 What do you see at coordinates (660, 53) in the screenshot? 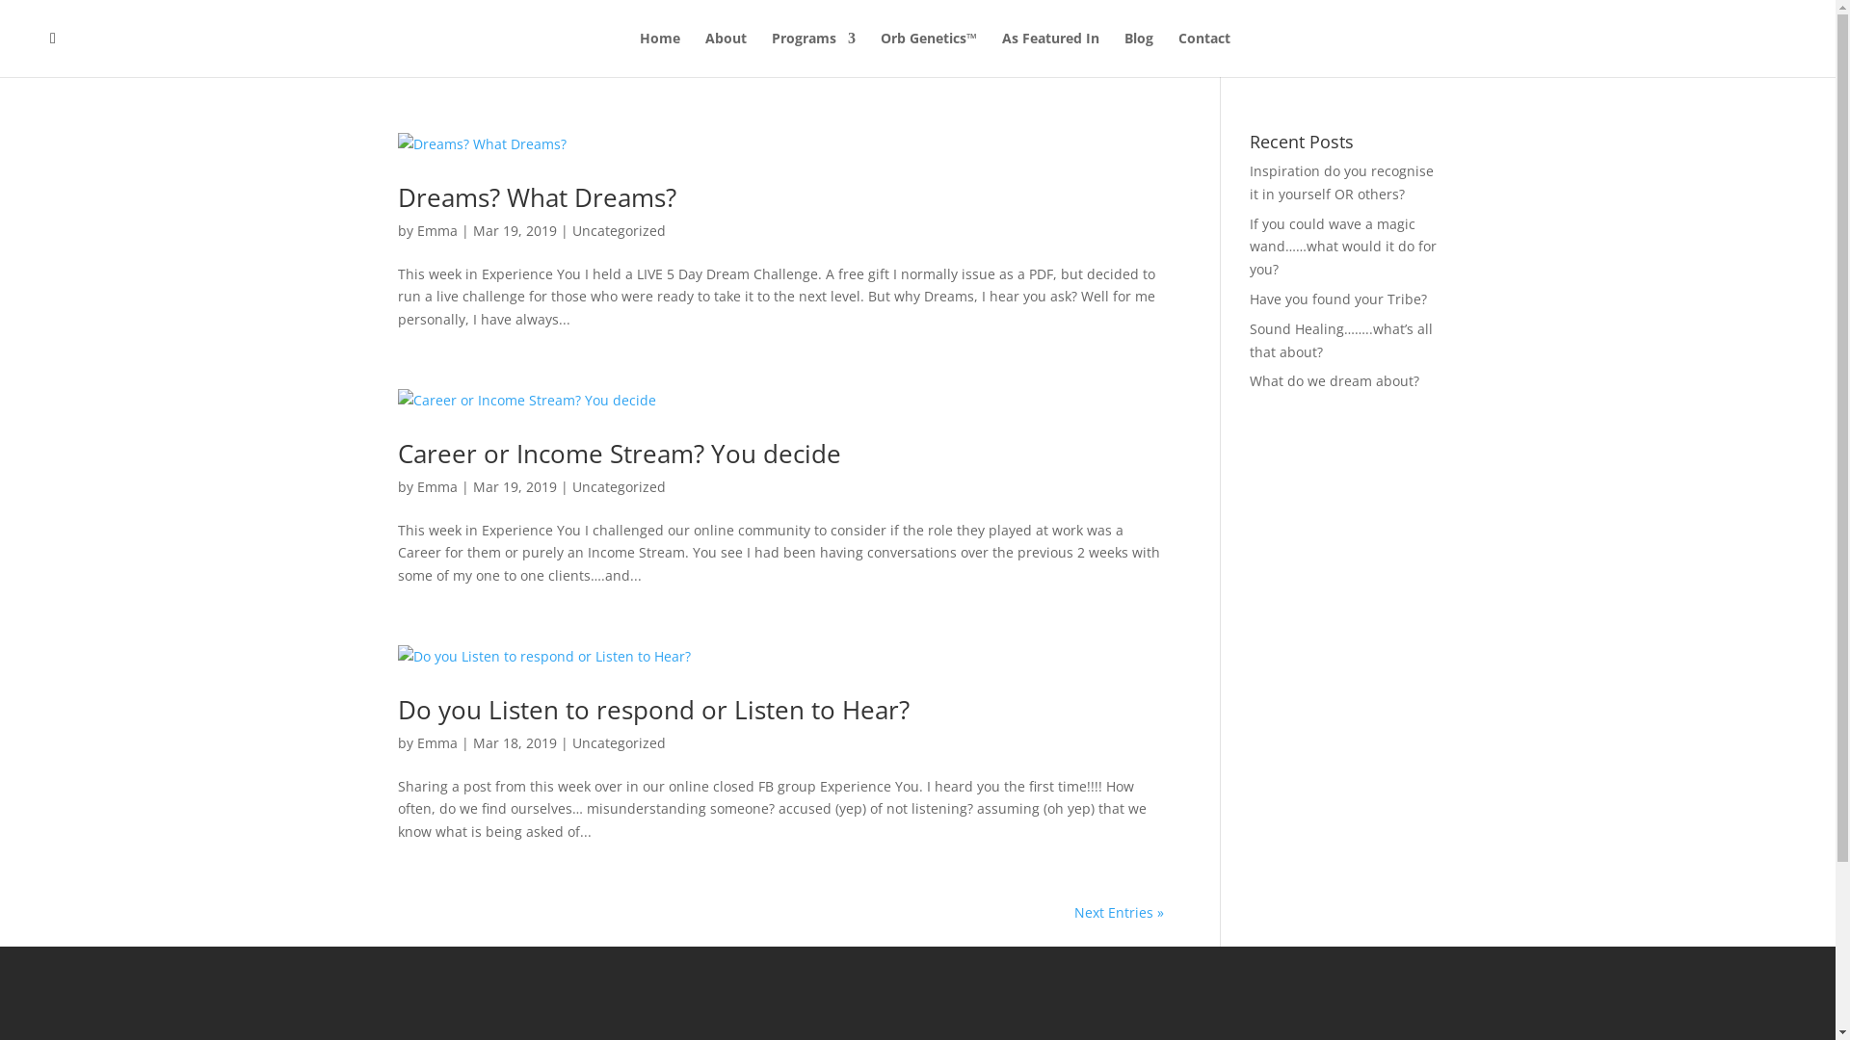
I see `'Home'` at bounding box center [660, 53].